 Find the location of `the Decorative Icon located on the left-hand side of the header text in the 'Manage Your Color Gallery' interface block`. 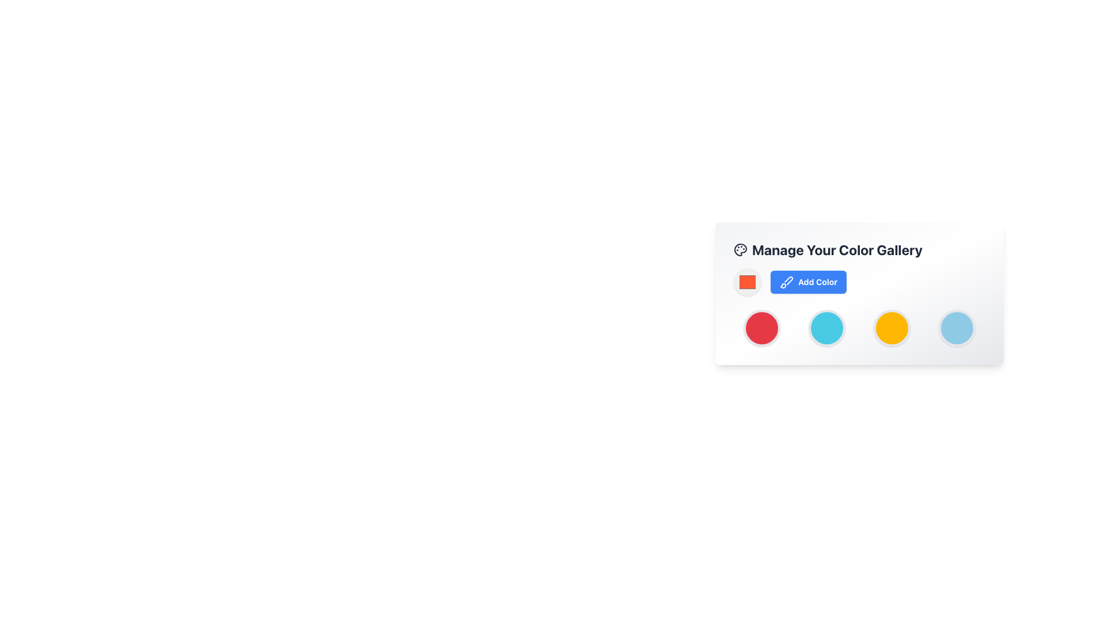

the Decorative Icon located on the left-hand side of the header text in the 'Manage Your Color Gallery' interface block is located at coordinates (740, 249).